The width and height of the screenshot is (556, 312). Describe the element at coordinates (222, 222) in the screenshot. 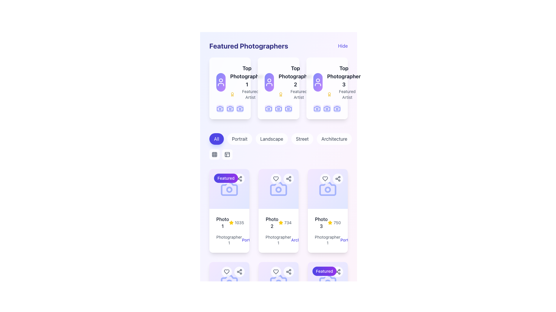

I see `text content of the label displaying 'Photo 1', which is prominently situated at the top of a card-like layout element` at that location.